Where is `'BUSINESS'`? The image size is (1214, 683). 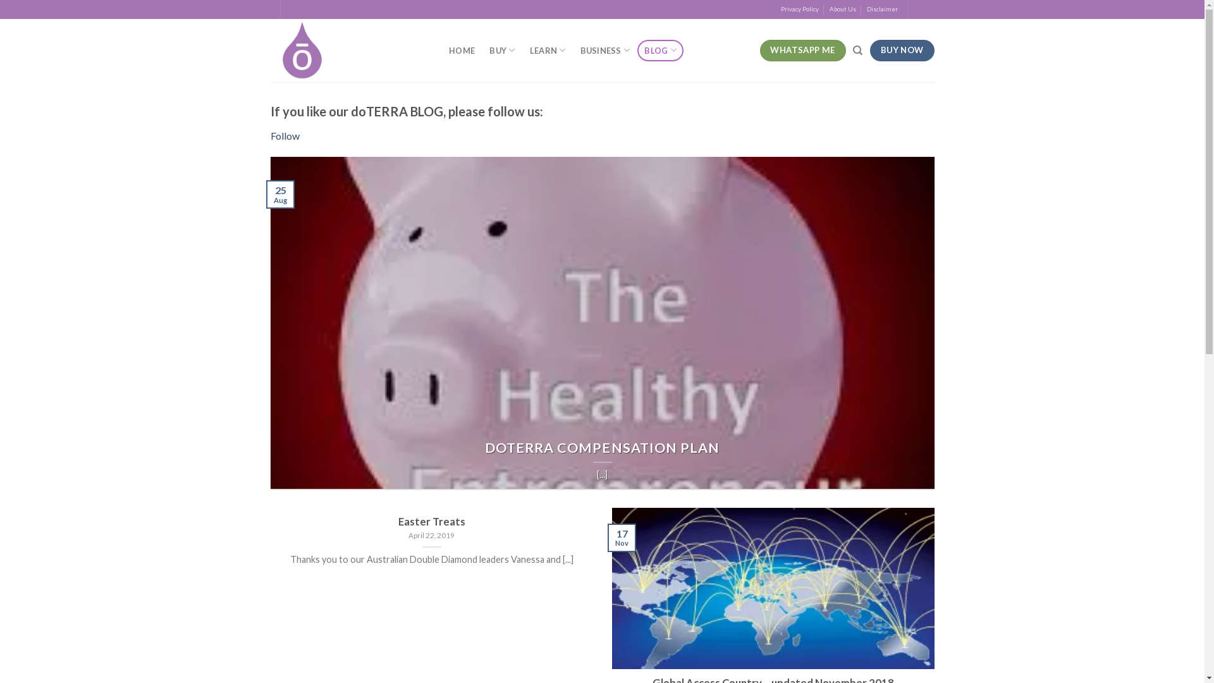 'BUSINESS' is located at coordinates (604, 50).